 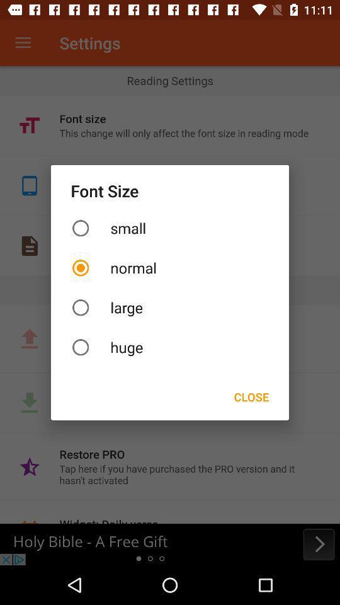 I want to click on the close item, so click(x=251, y=396).